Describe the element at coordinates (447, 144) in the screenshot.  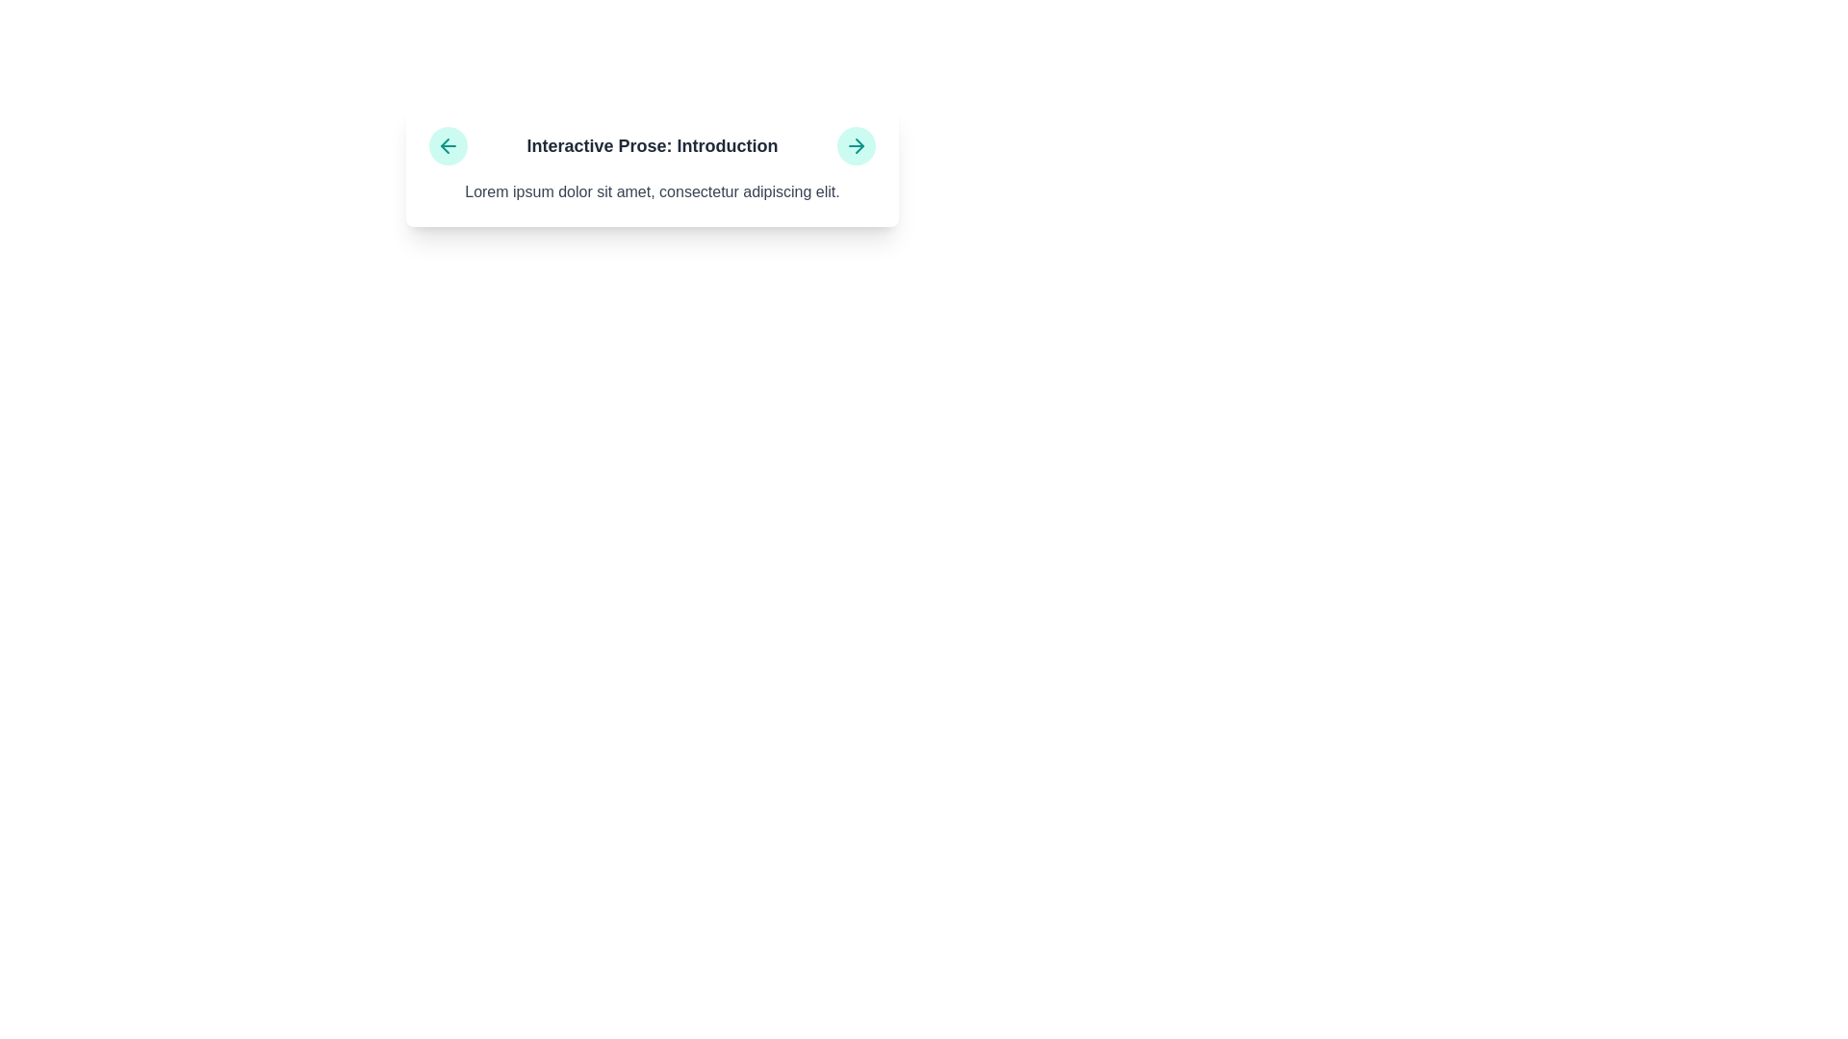
I see `the circular teal button with a left-pointing arrow` at that location.